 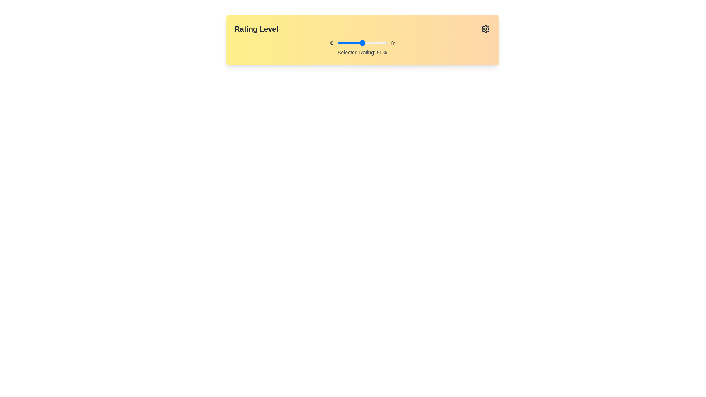 I want to click on the slider, so click(x=345, y=43).